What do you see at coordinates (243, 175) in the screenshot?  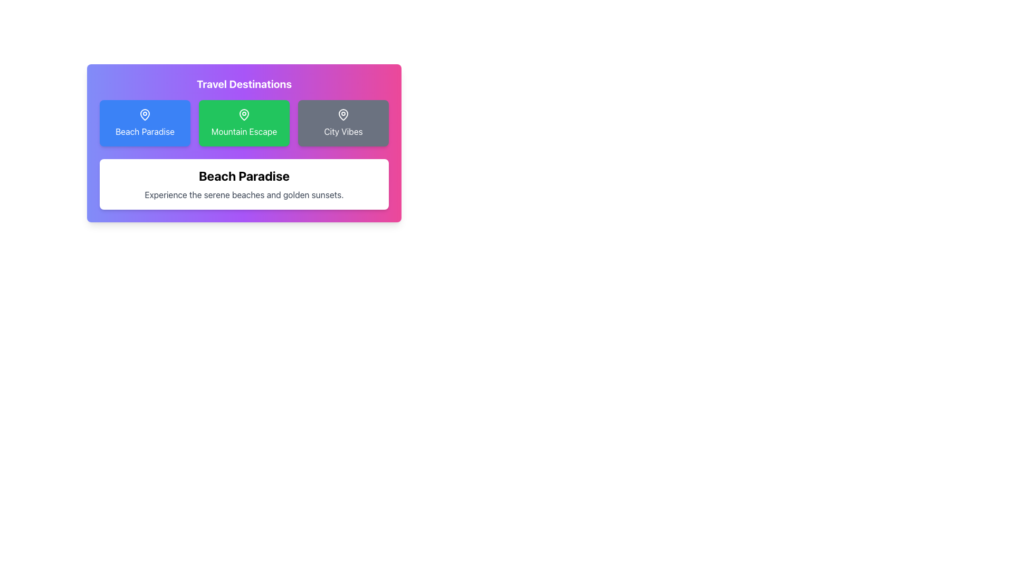 I see `prominently styled text that reads 'Beach Paradise', which is centrally aligned and features a bold font against a white background` at bounding box center [243, 175].